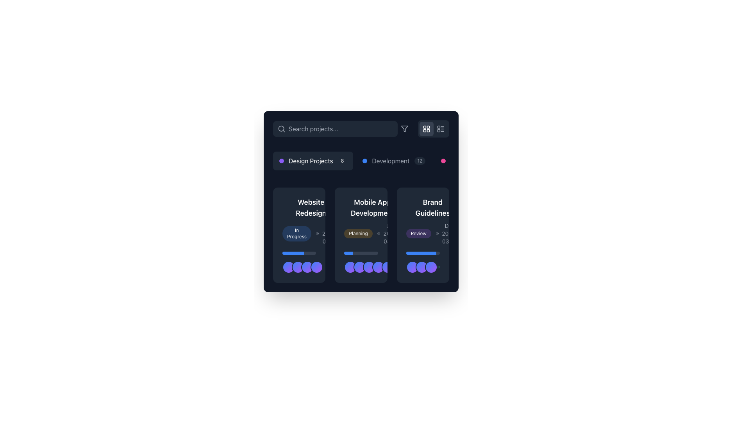  Describe the element at coordinates (443, 161) in the screenshot. I see `the circular status indicator located at the top-right section of the application, preceding the label 'Marketing' and badge '5', to check for visual status indication` at that location.